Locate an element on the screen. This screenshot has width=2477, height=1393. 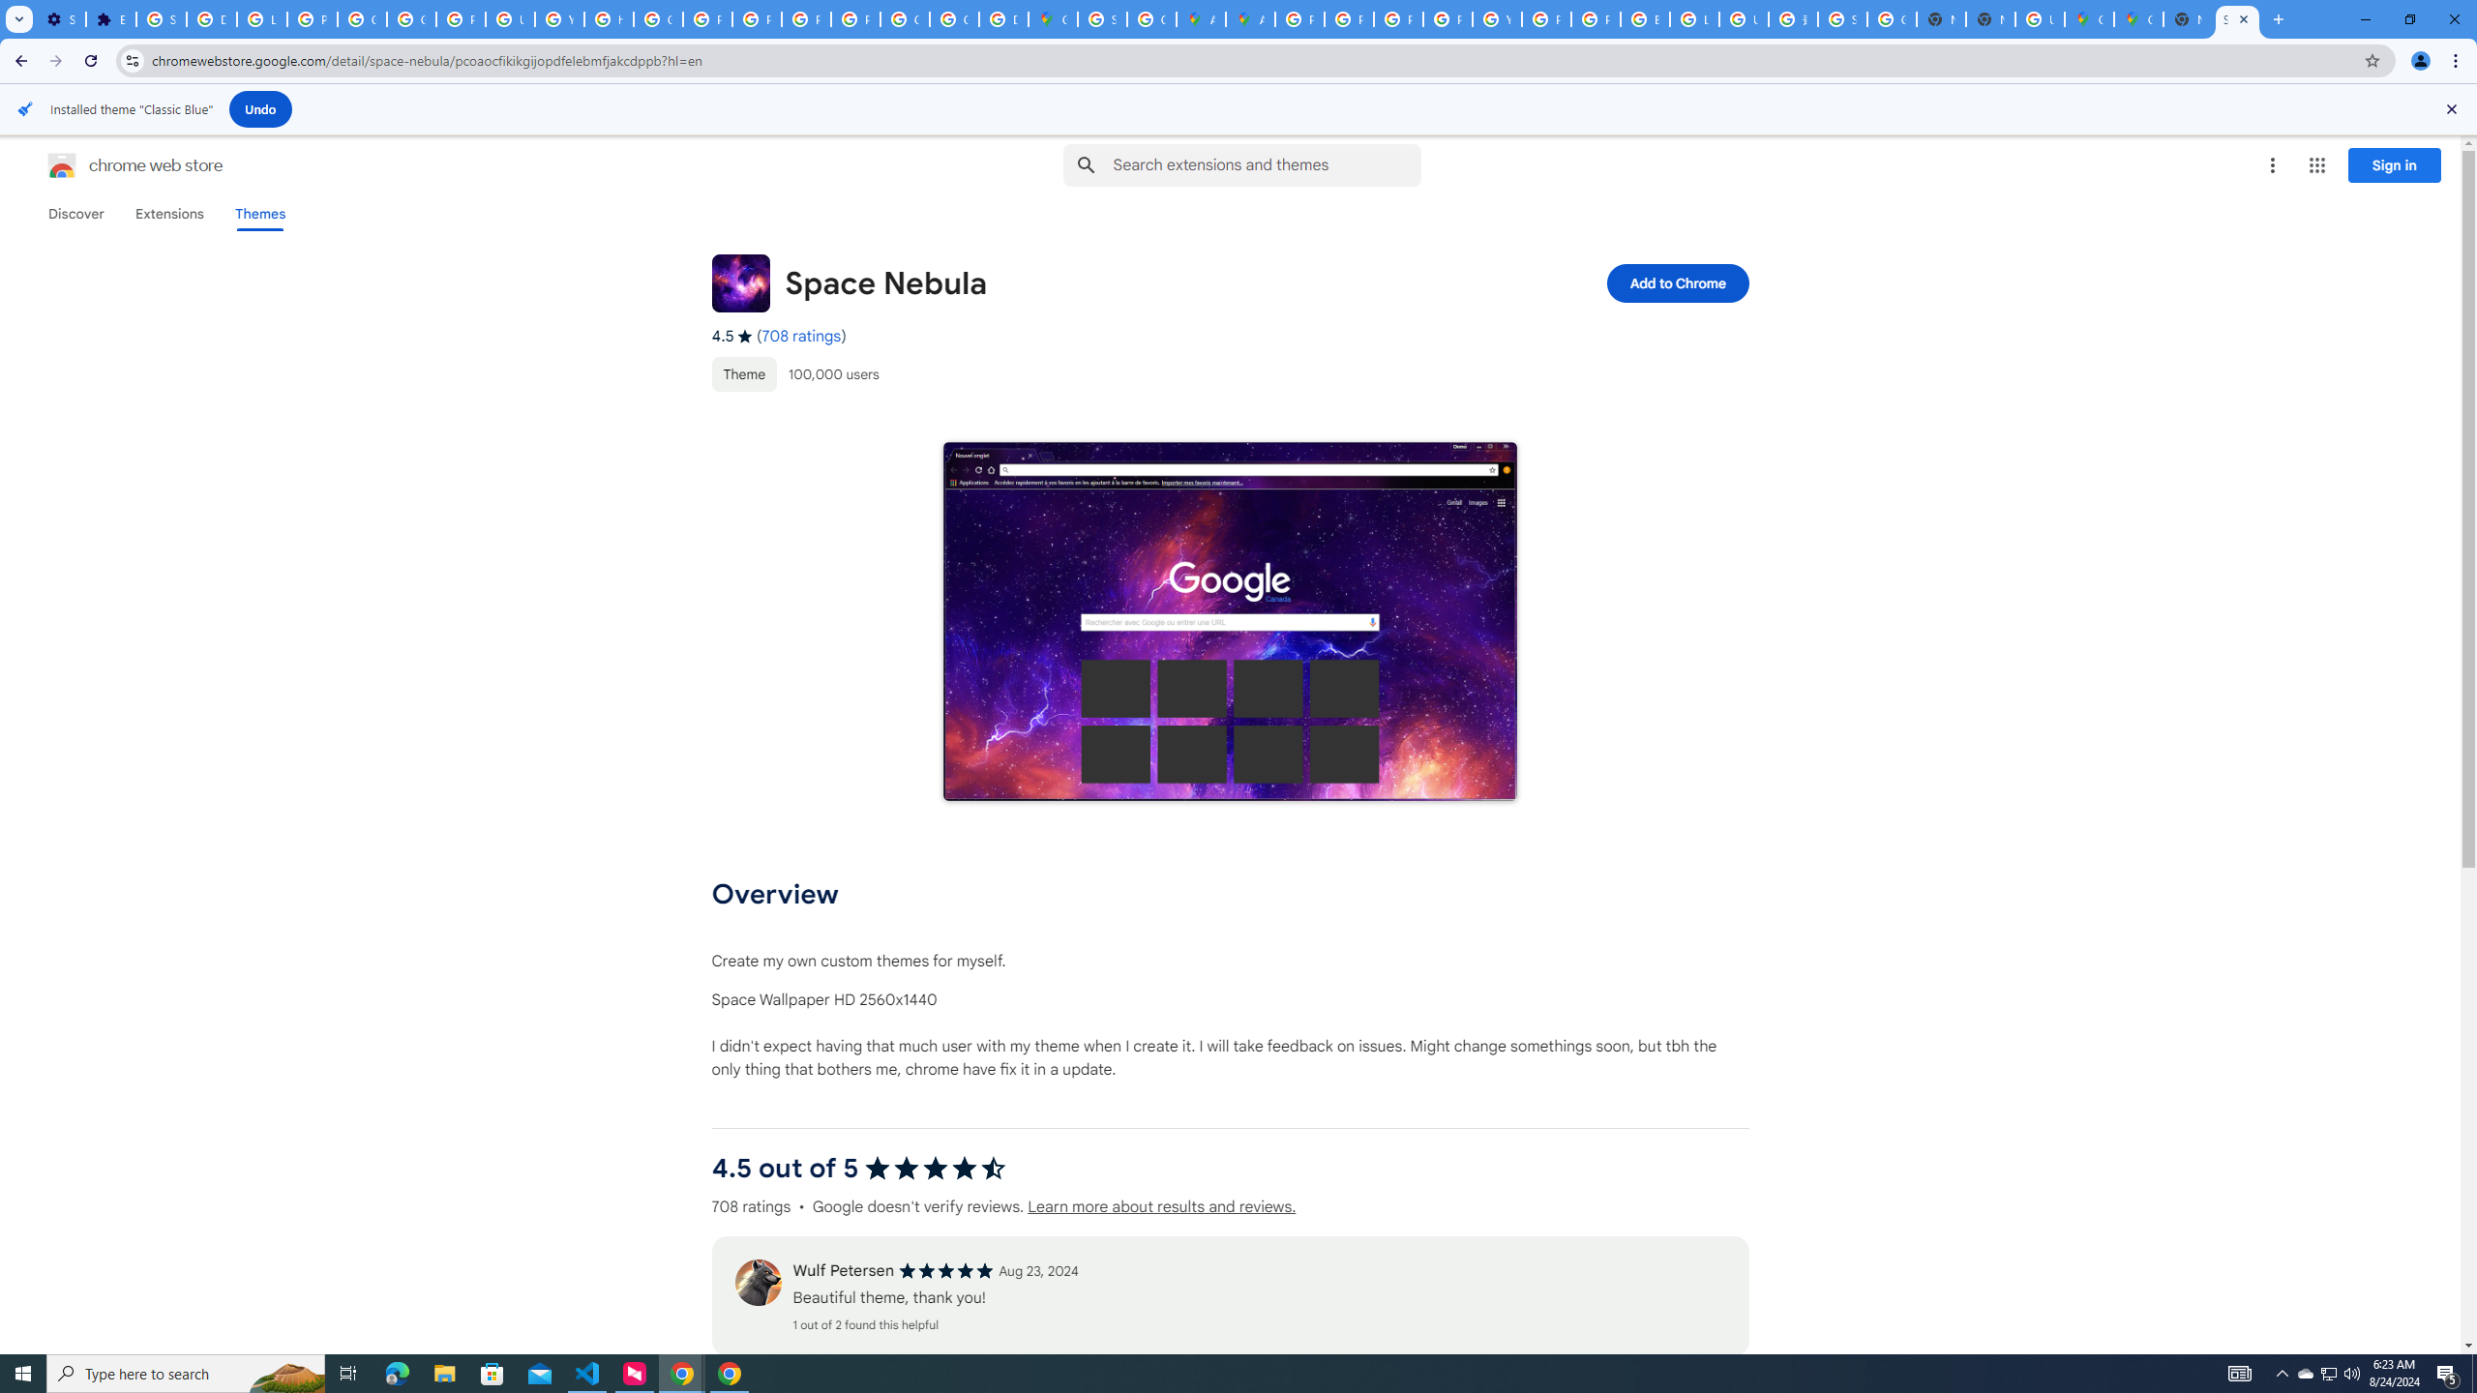
'System' is located at coordinates (11, 9).